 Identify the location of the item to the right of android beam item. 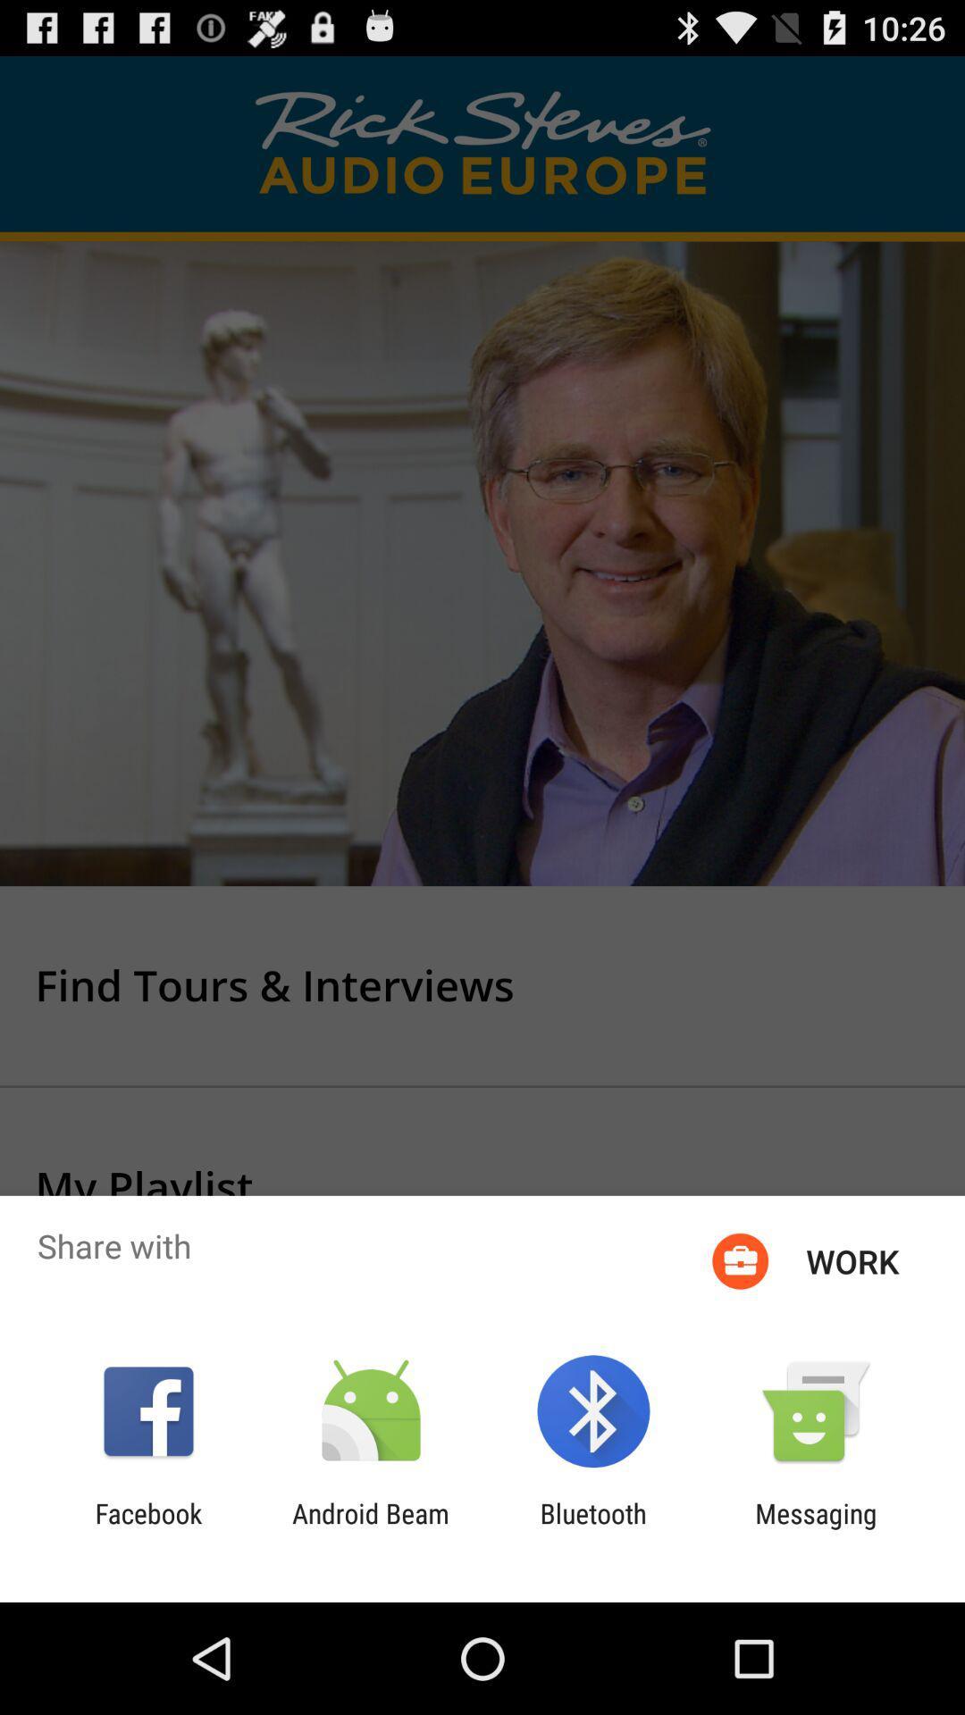
(593, 1528).